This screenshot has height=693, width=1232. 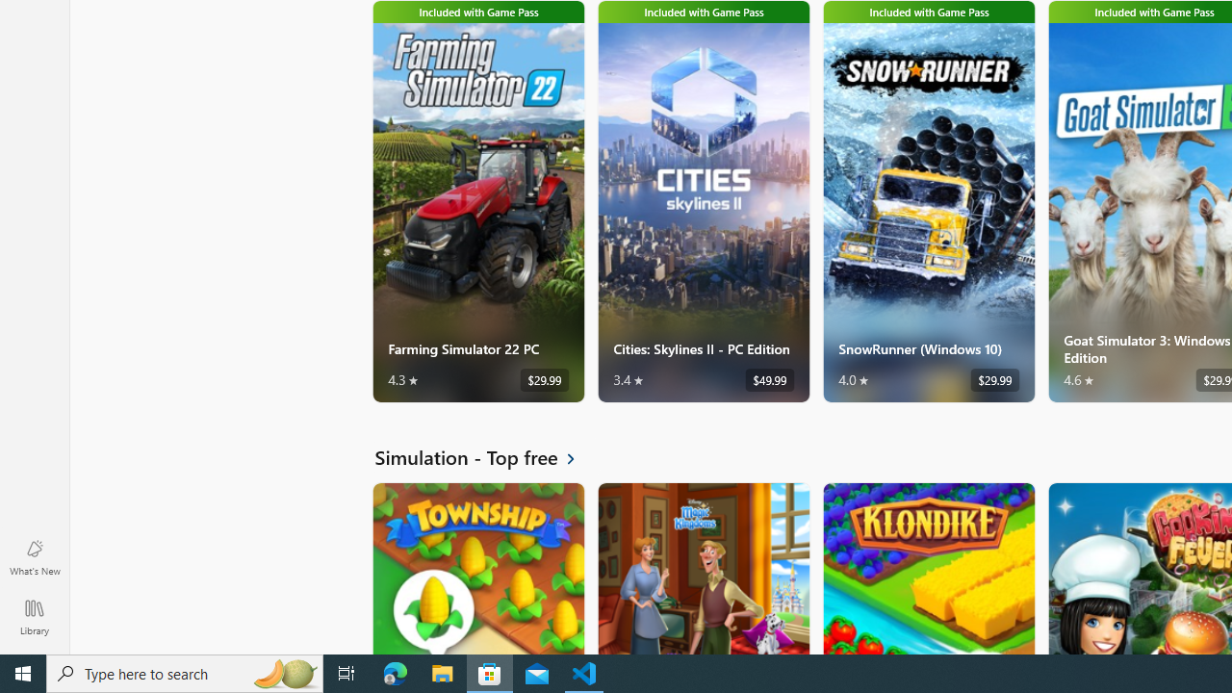 What do you see at coordinates (34, 616) in the screenshot?
I see `'Library'` at bounding box center [34, 616].